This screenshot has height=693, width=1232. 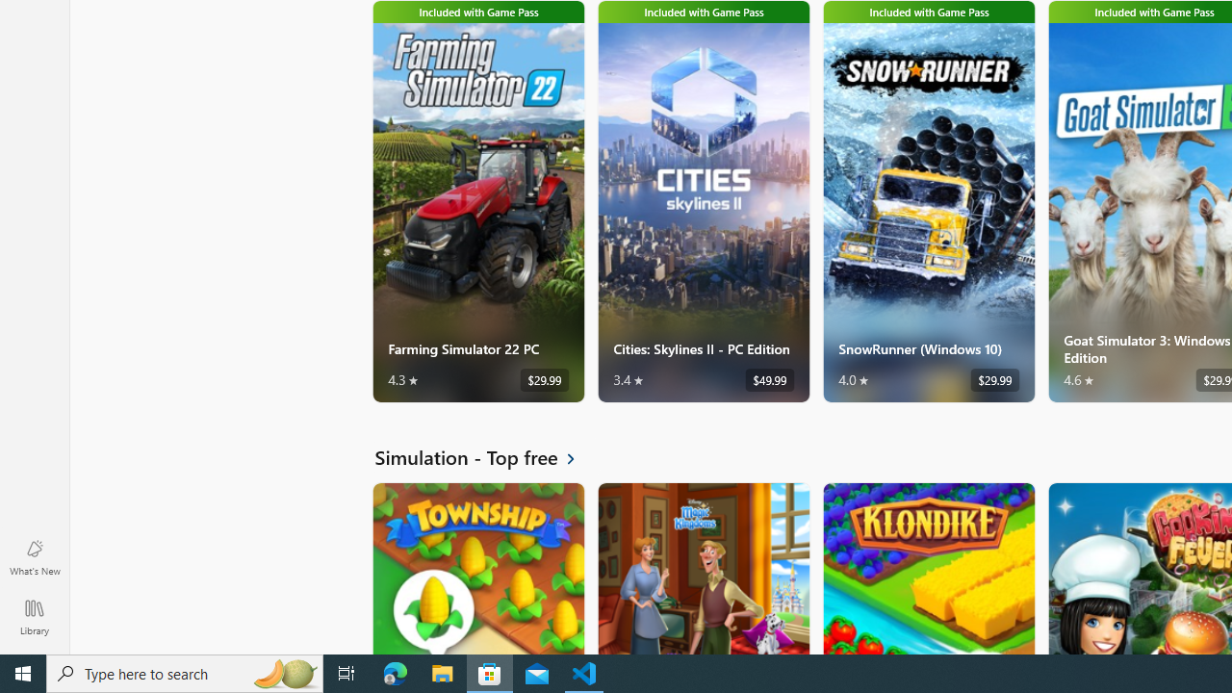 What do you see at coordinates (34, 616) in the screenshot?
I see `'Library'` at bounding box center [34, 616].